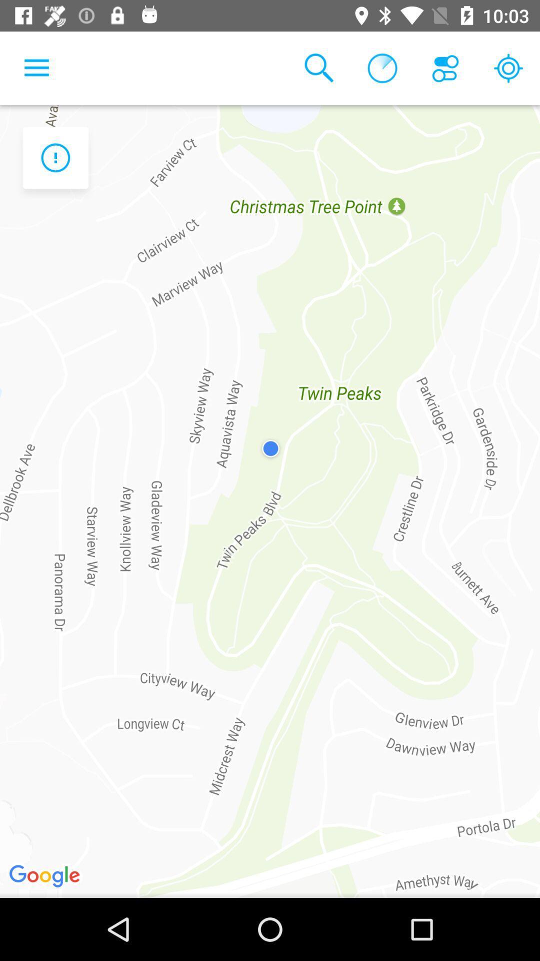 Image resolution: width=540 pixels, height=961 pixels. I want to click on the warning icon, so click(55, 157).